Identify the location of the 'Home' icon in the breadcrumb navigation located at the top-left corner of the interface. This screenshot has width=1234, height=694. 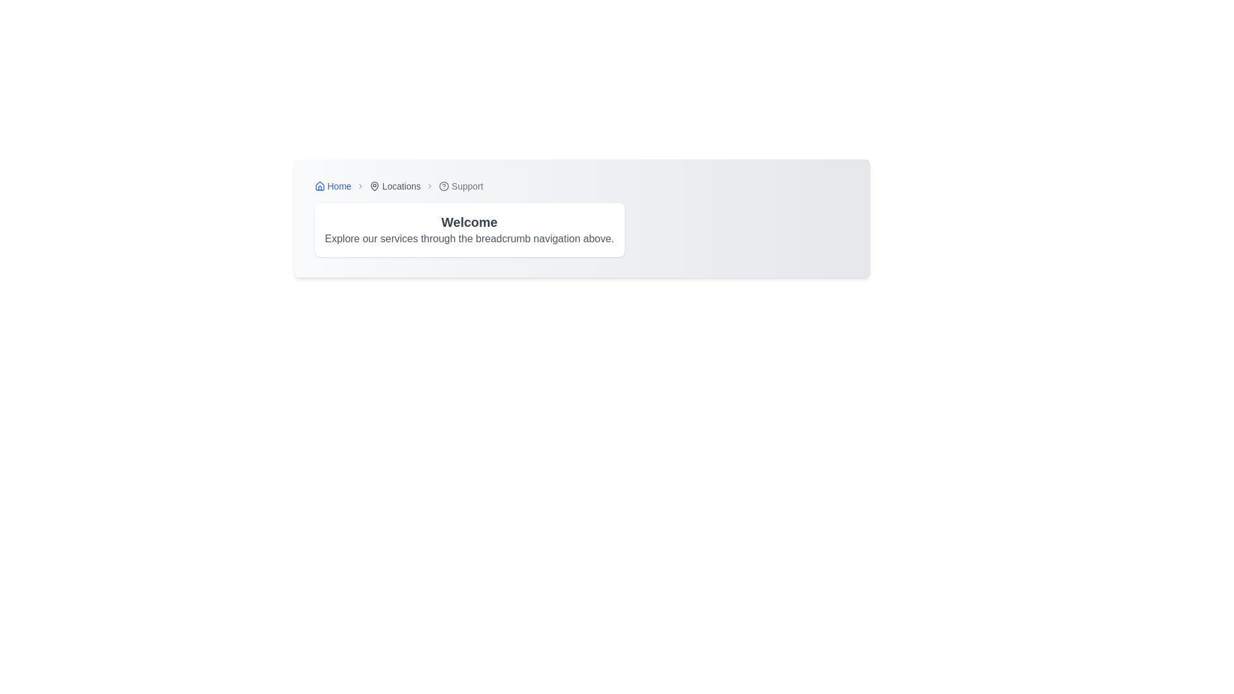
(319, 186).